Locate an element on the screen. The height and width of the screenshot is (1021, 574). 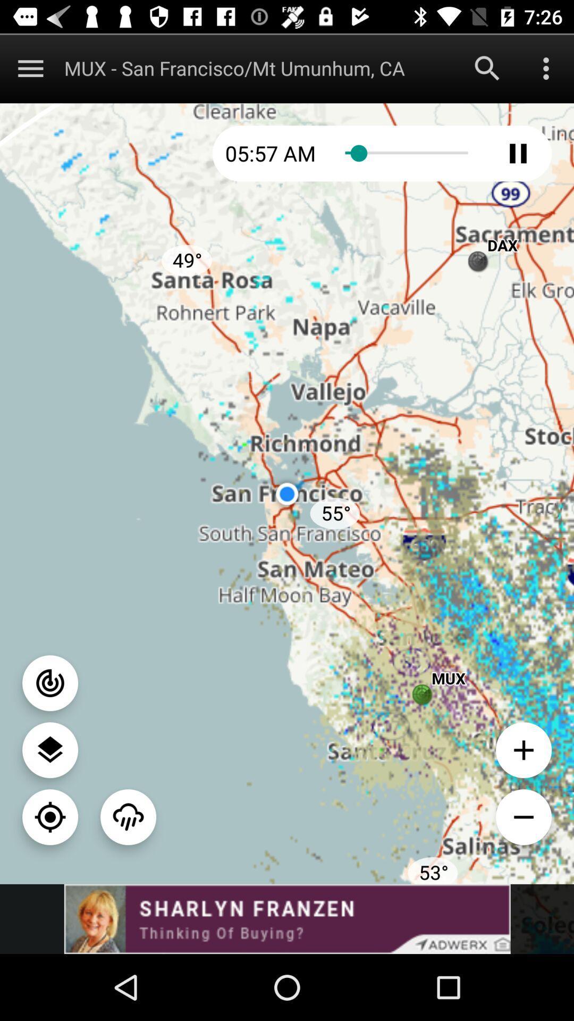
search function is located at coordinates (487, 68).